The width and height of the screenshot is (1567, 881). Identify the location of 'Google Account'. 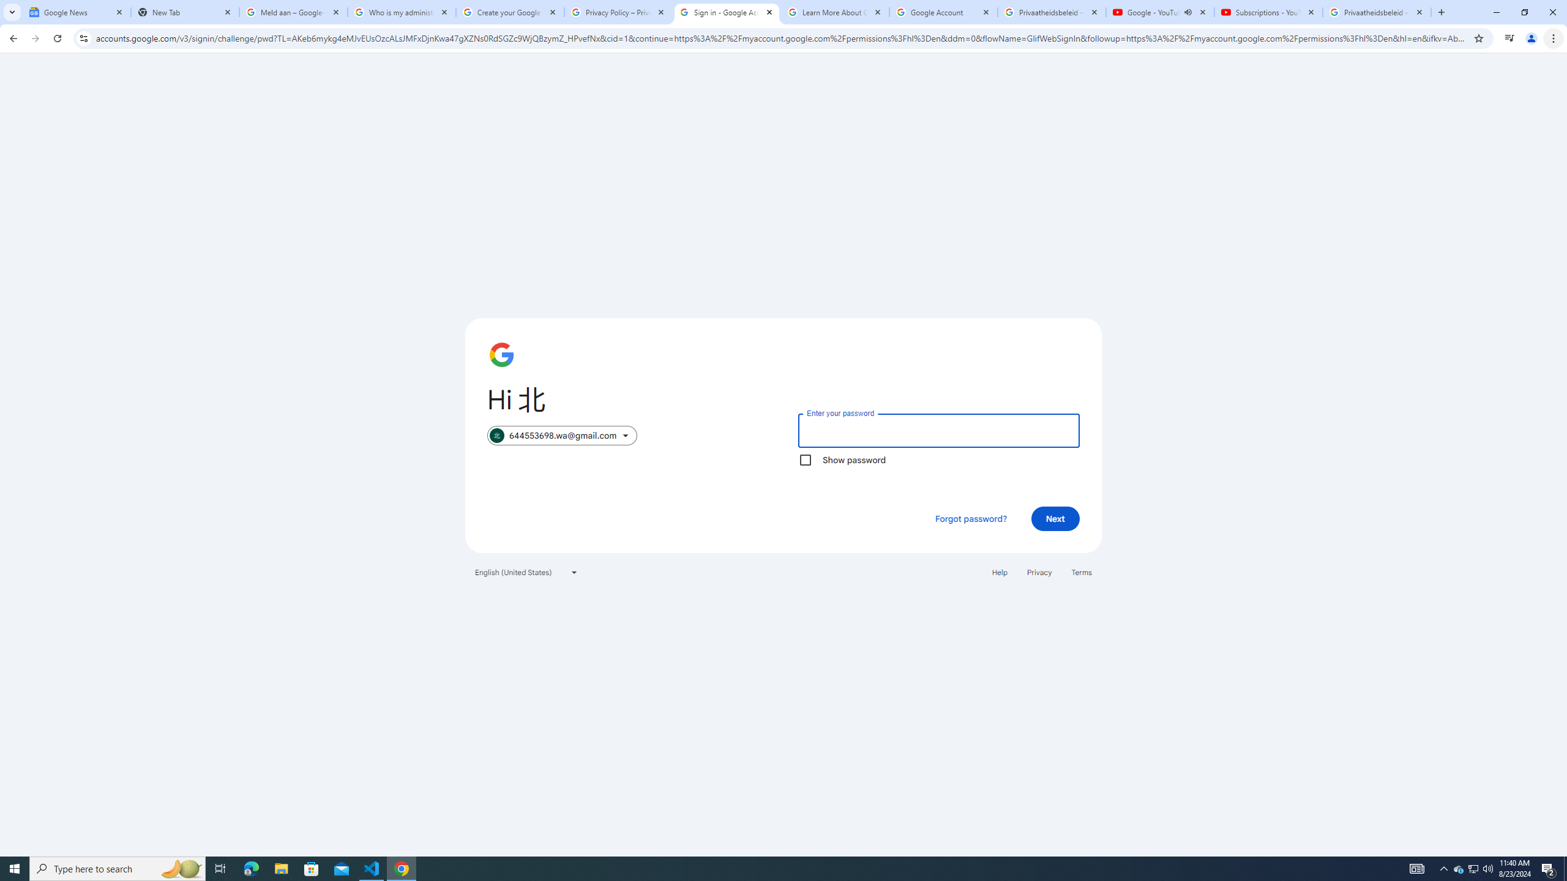
(943, 12).